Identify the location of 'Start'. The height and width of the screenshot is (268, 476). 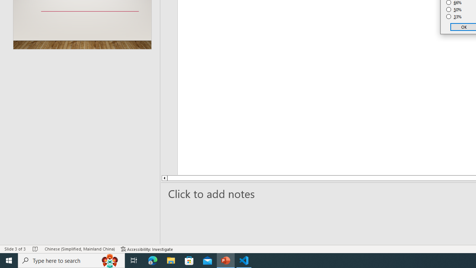
(9, 260).